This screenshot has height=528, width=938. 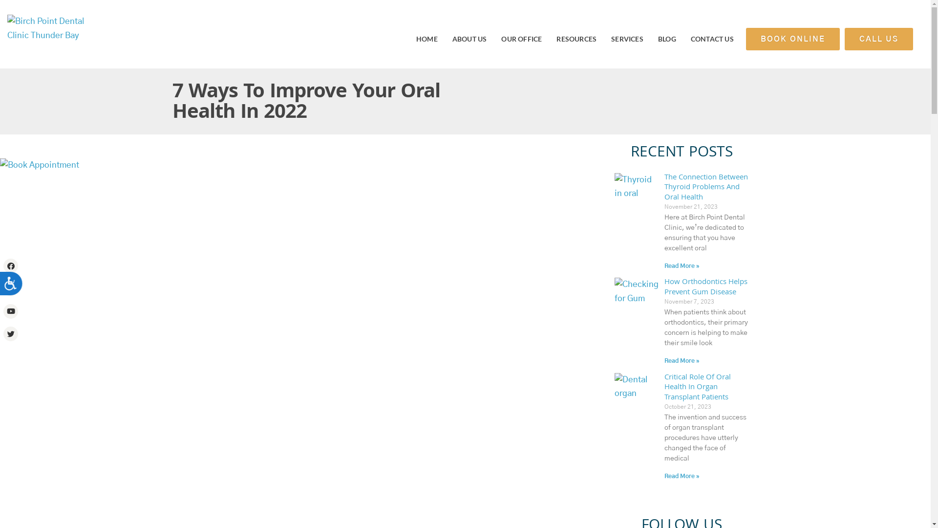 What do you see at coordinates (705, 287) in the screenshot?
I see `'How Orthodontics Helps Prevent Gum Disease'` at bounding box center [705, 287].